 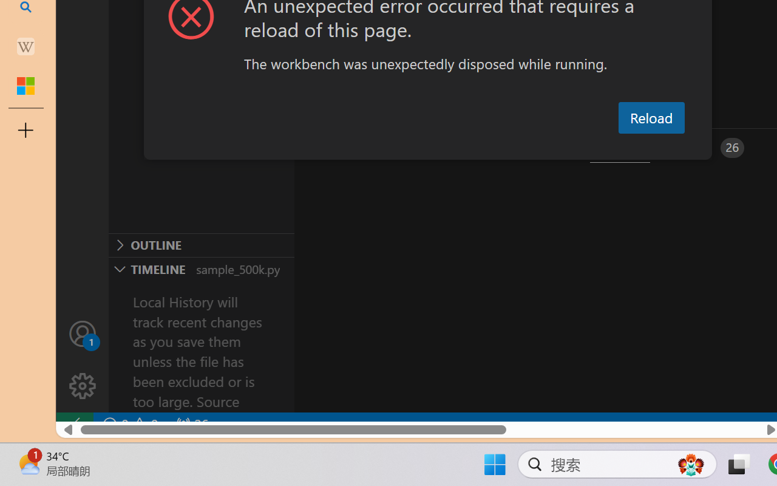 I want to click on 'Timeline Section', so click(x=201, y=268).